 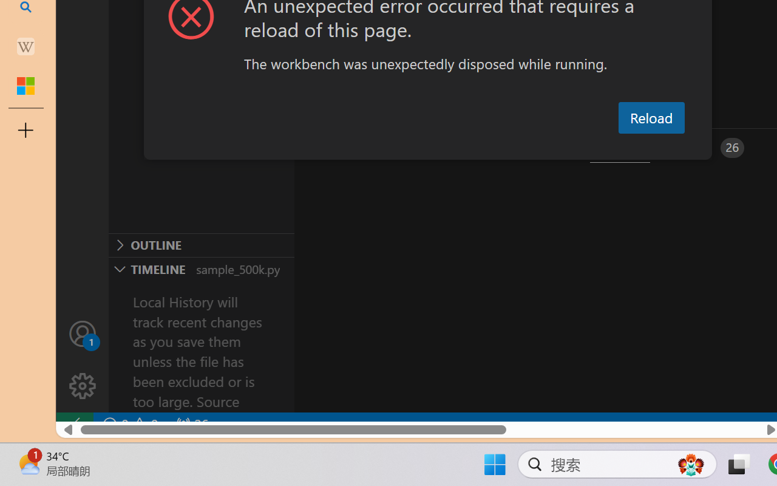 I want to click on 'Timeline Section', so click(x=201, y=268).